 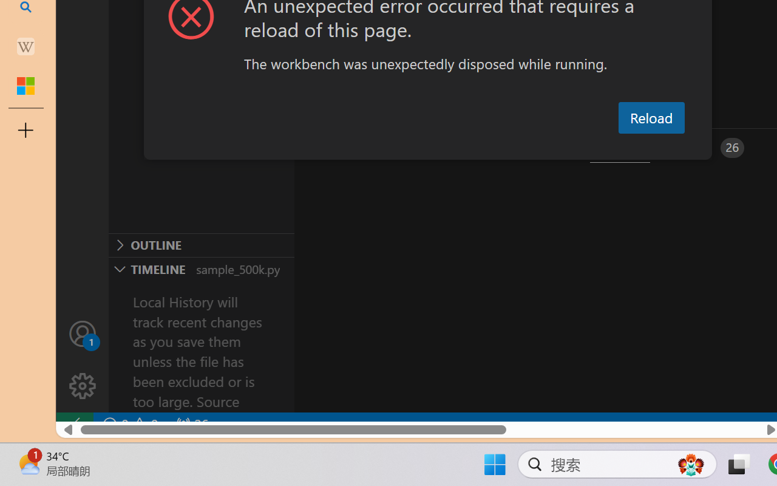 I want to click on 'Timeline Section', so click(x=201, y=268).